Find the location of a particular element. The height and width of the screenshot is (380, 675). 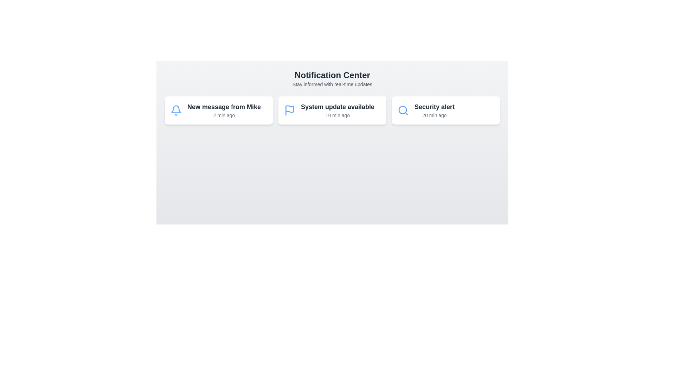

the text block displaying 'System update available' and '10 min ago', which is a notification item in the central card of a three-column layout is located at coordinates (337, 110).